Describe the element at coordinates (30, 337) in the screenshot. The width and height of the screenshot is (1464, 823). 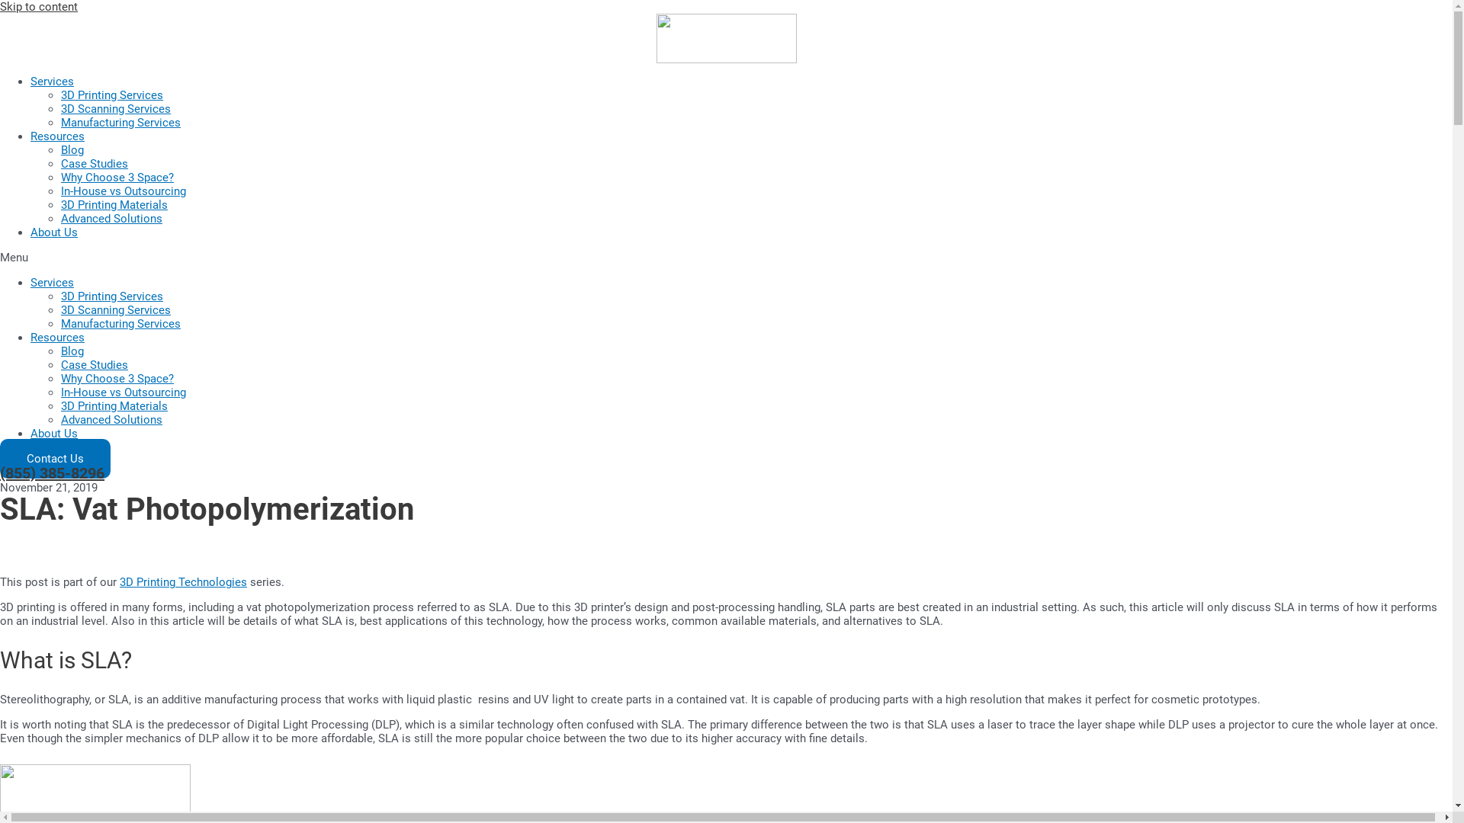
I see `'Resources'` at that location.